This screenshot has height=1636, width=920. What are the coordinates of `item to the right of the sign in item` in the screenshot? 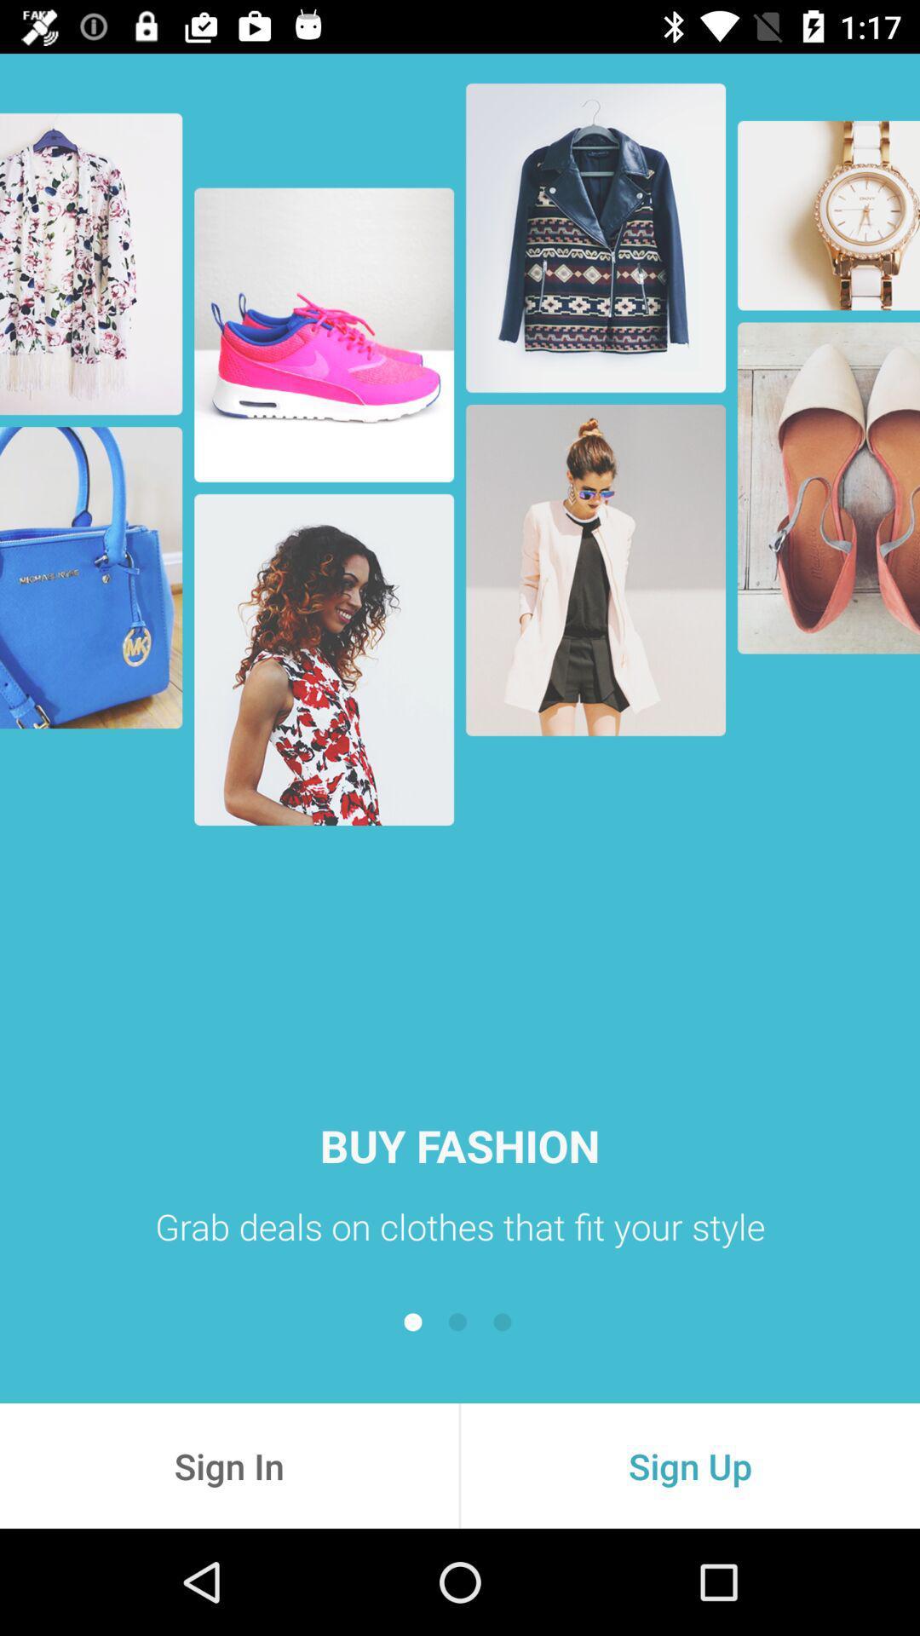 It's located at (690, 1465).